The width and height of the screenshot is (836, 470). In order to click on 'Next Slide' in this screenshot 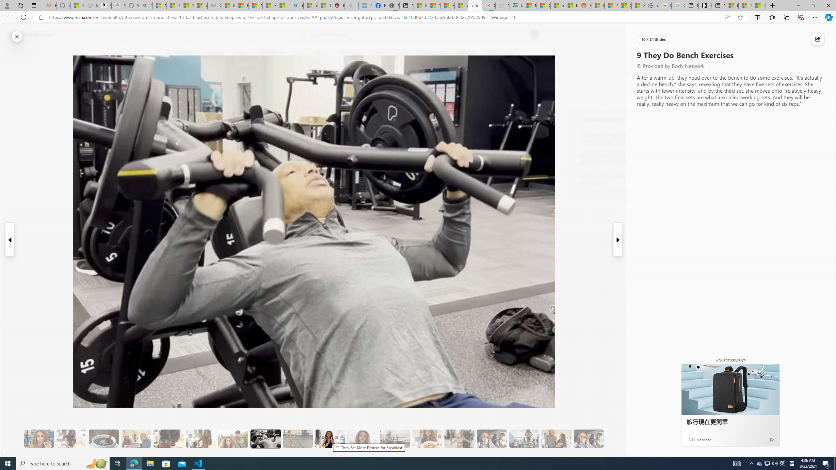, I will do `click(618, 240)`.